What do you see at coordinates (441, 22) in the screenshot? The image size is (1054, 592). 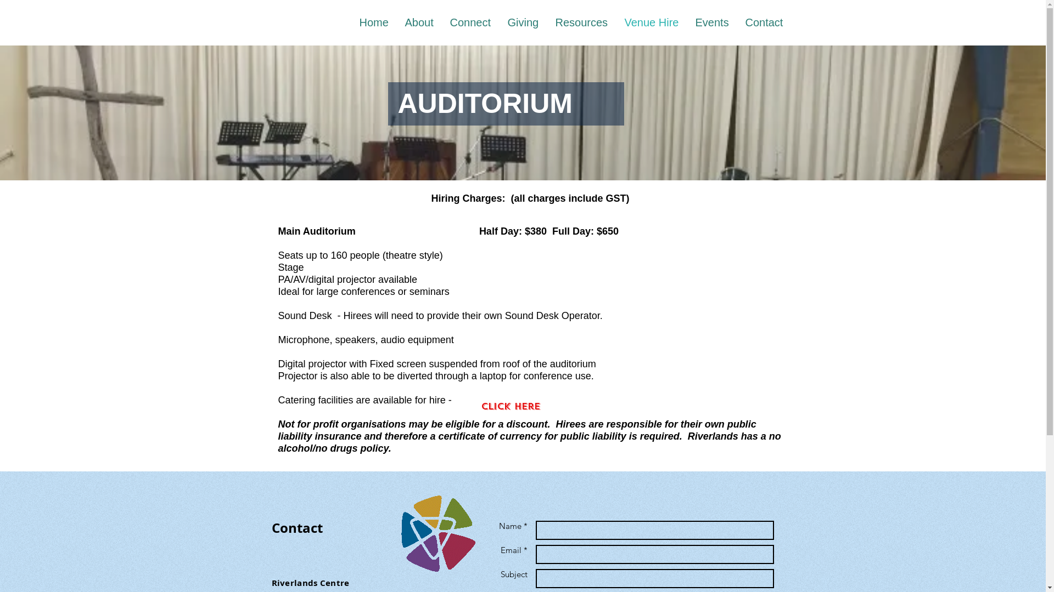 I see `'Connect'` at bounding box center [441, 22].